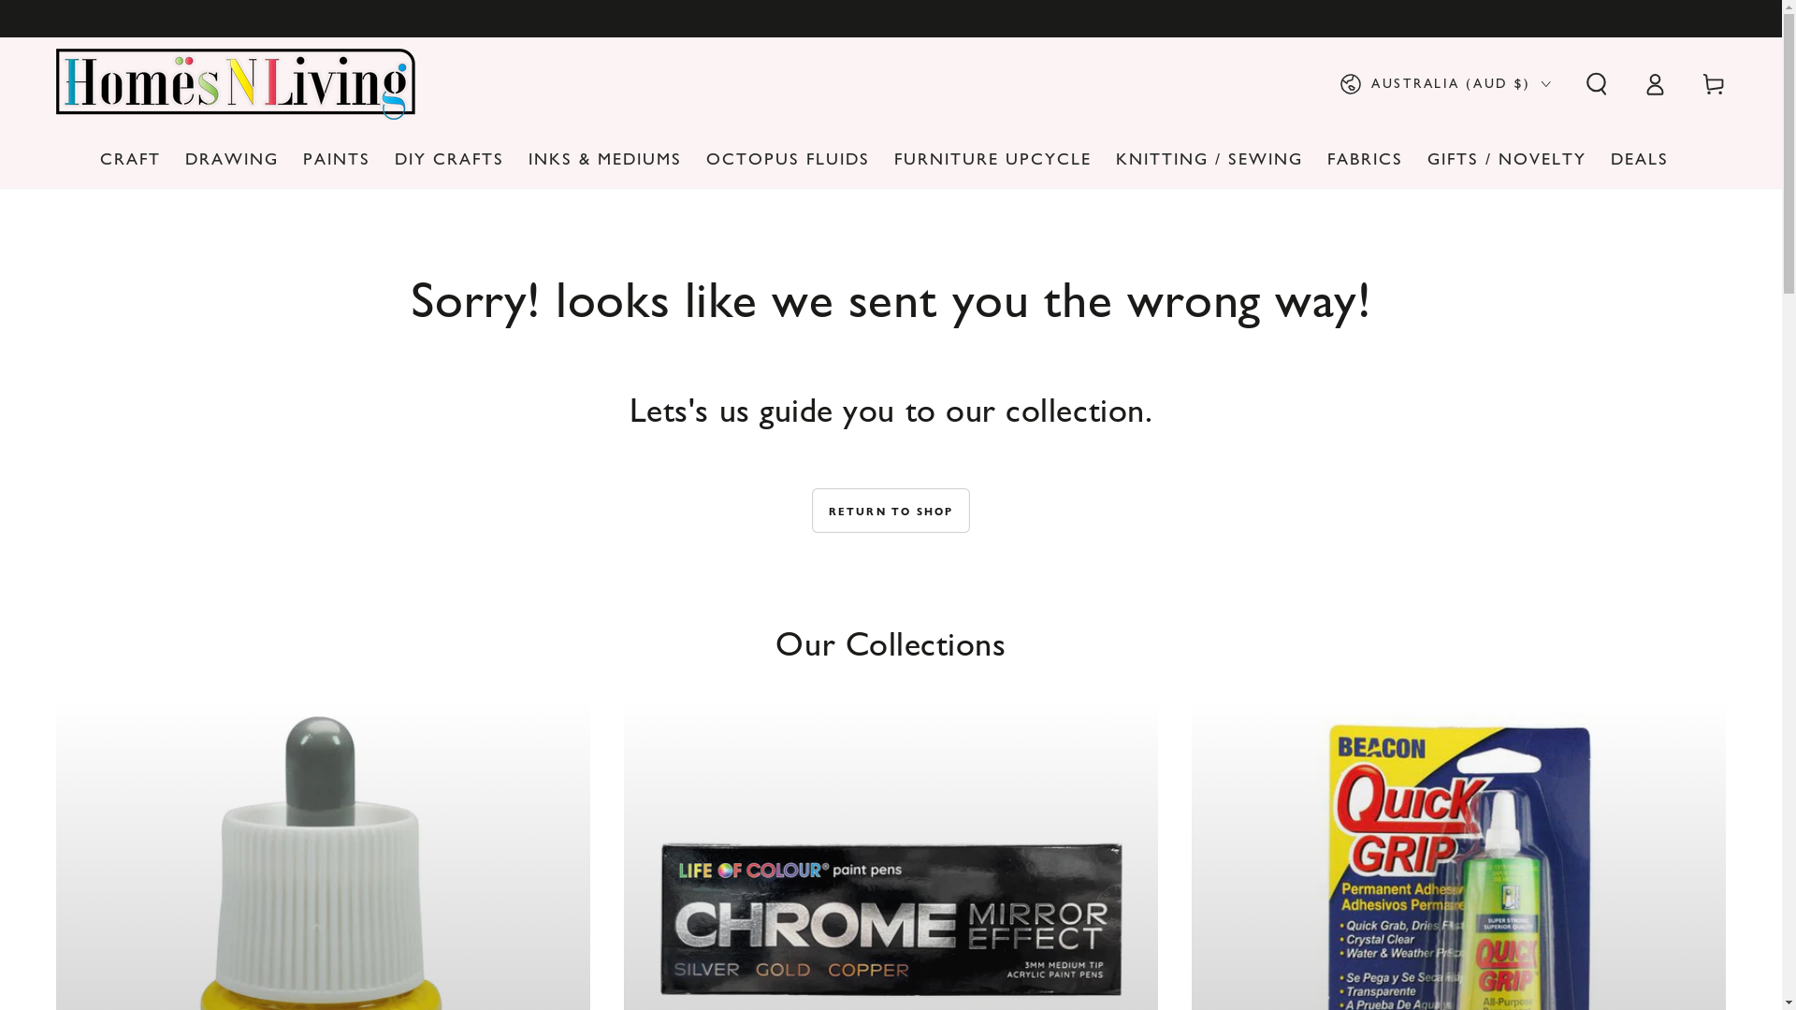 The image size is (1796, 1010). What do you see at coordinates (992, 158) in the screenshot?
I see `'FURNITURE UPCYCLE'` at bounding box center [992, 158].